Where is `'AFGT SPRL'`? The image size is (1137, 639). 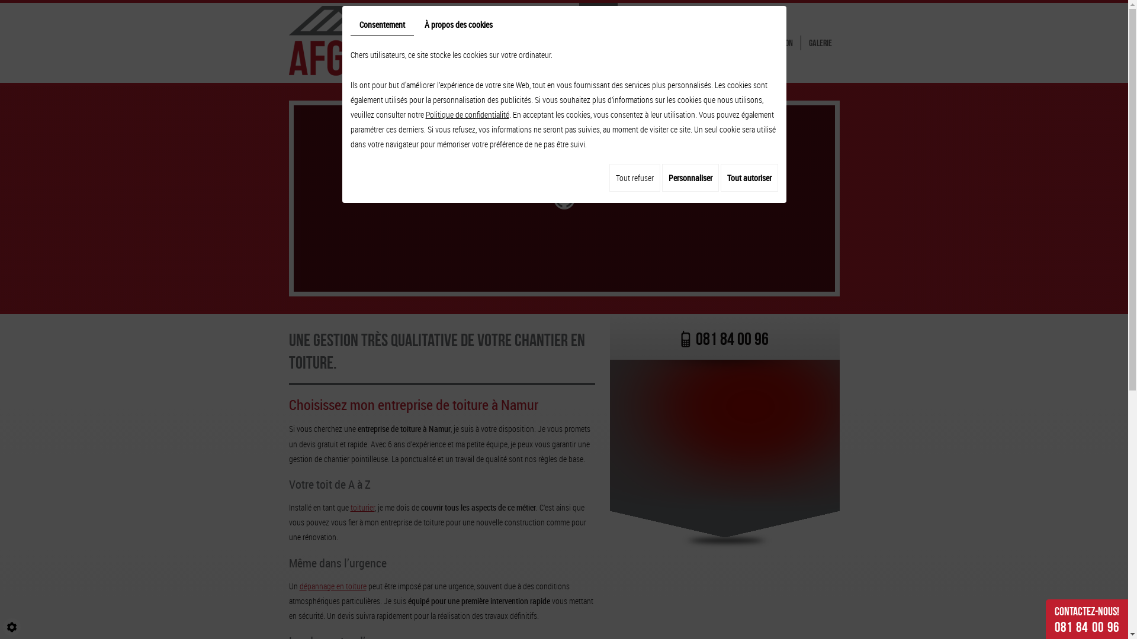 'AFGT SPRL' is located at coordinates (354, 38).